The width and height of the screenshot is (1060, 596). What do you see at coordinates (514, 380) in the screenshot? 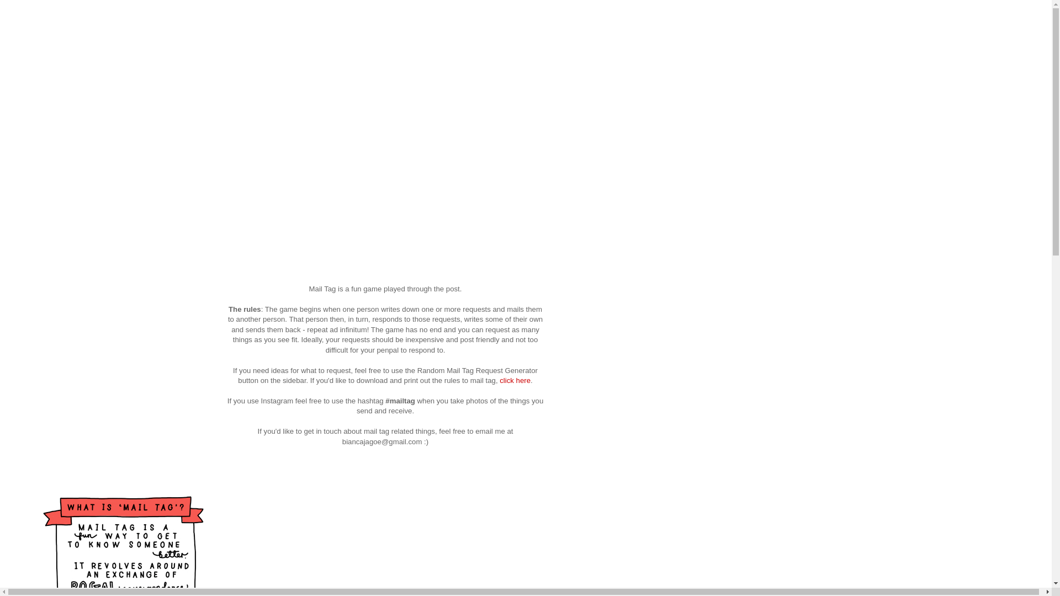
I see `'click here'` at bounding box center [514, 380].